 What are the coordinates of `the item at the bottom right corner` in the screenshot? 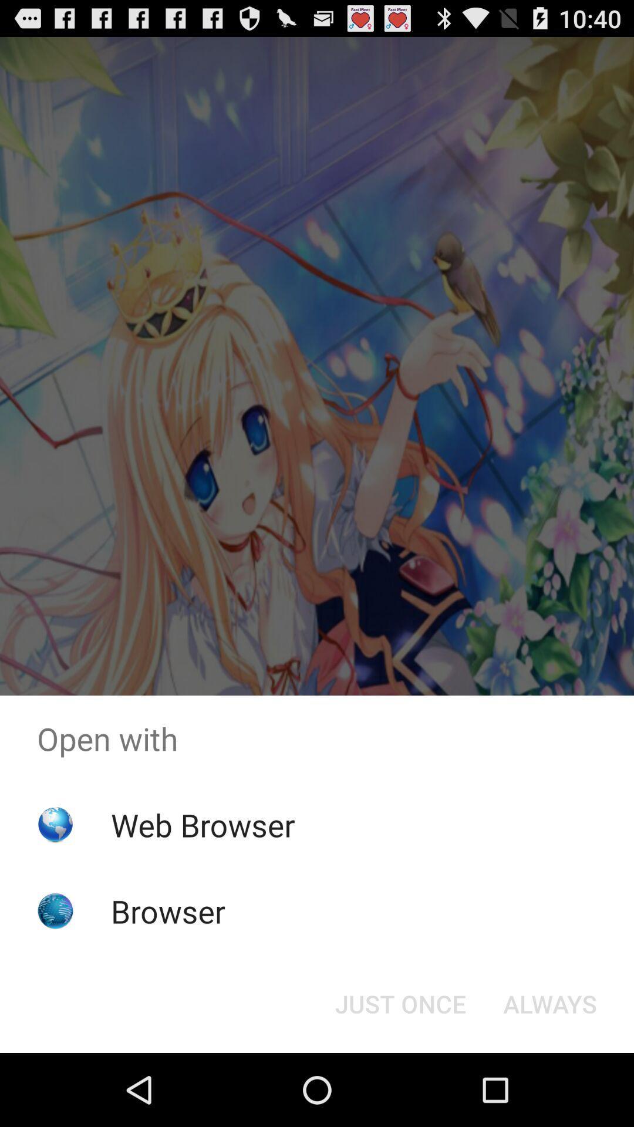 It's located at (550, 1003).